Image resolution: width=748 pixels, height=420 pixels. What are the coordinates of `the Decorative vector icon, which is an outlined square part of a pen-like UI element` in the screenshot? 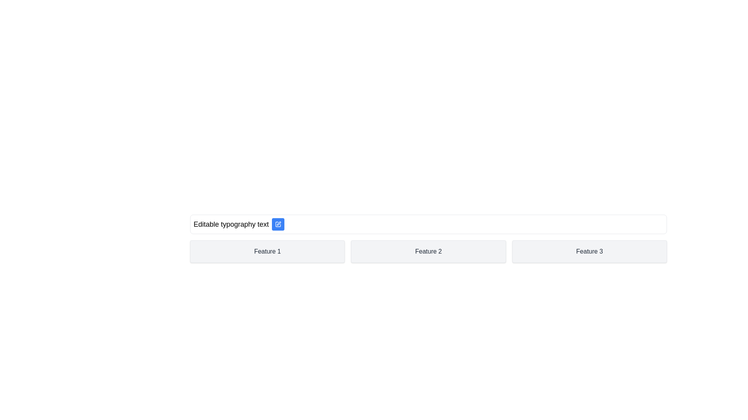 It's located at (278, 224).